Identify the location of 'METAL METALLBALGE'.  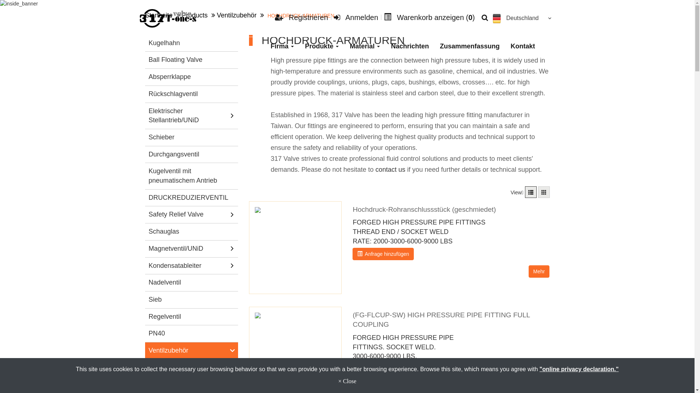
(194, 384).